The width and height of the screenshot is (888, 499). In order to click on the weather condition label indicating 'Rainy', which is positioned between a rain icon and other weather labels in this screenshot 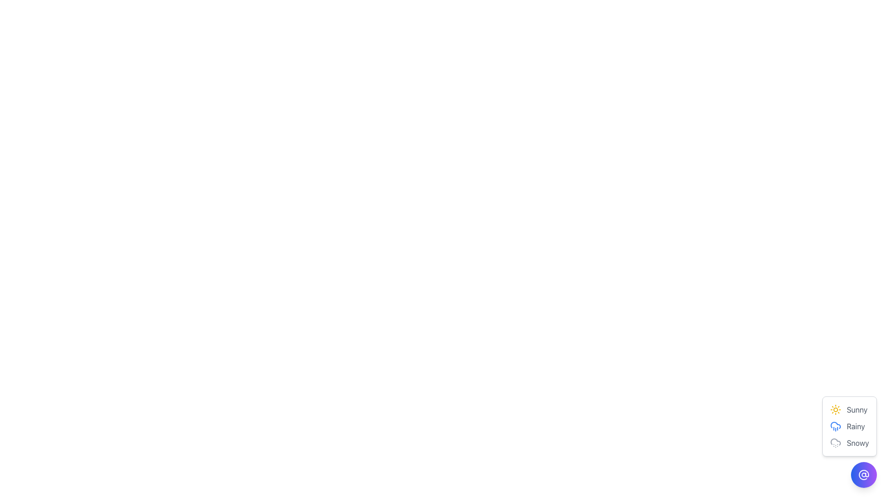, I will do `click(855, 426)`.